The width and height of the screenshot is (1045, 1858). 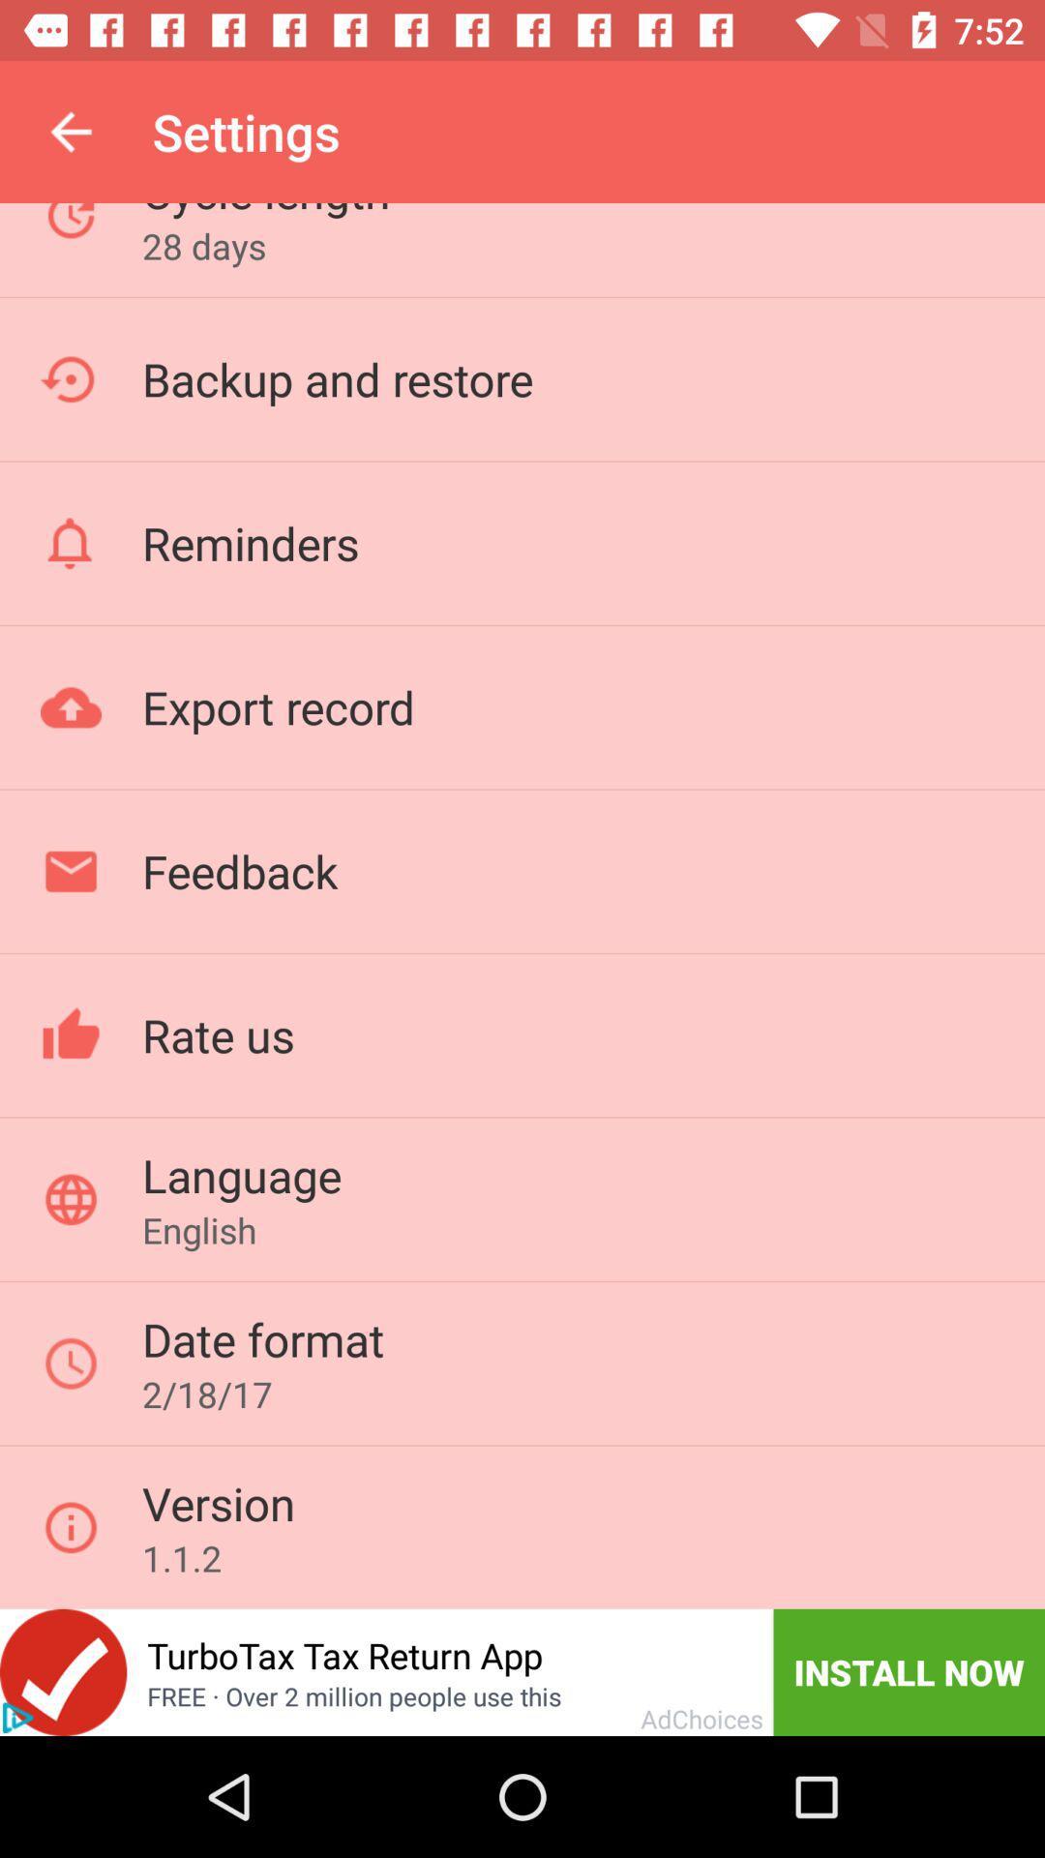 What do you see at coordinates (343, 1654) in the screenshot?
I see `item next to install now` at bounding box center [343, 1654].